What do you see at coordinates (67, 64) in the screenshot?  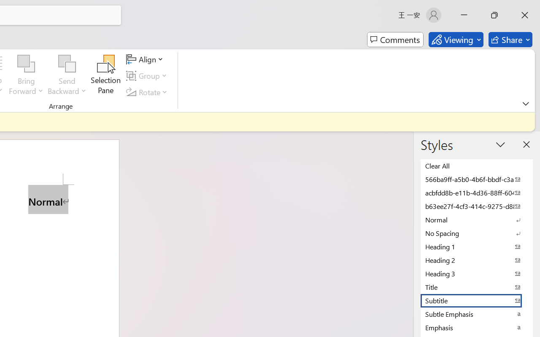 I see `'Send Backward'` at bounding box center [67, 64].